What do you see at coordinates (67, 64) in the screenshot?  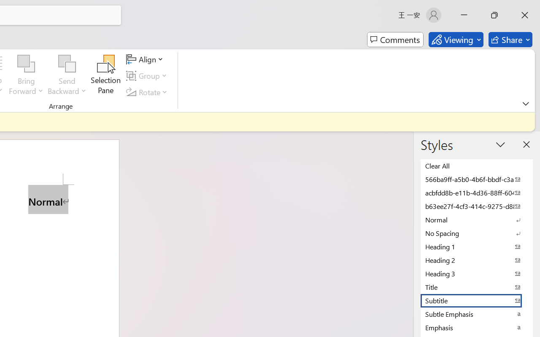 I see `'Send Backward'` at bounding box center [67, 64].